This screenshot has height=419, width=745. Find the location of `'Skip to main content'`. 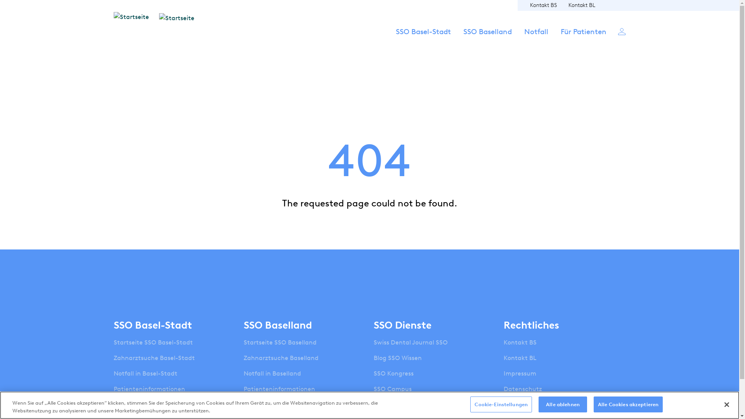

'Skip to main content' is located at coordinates (0, 0).